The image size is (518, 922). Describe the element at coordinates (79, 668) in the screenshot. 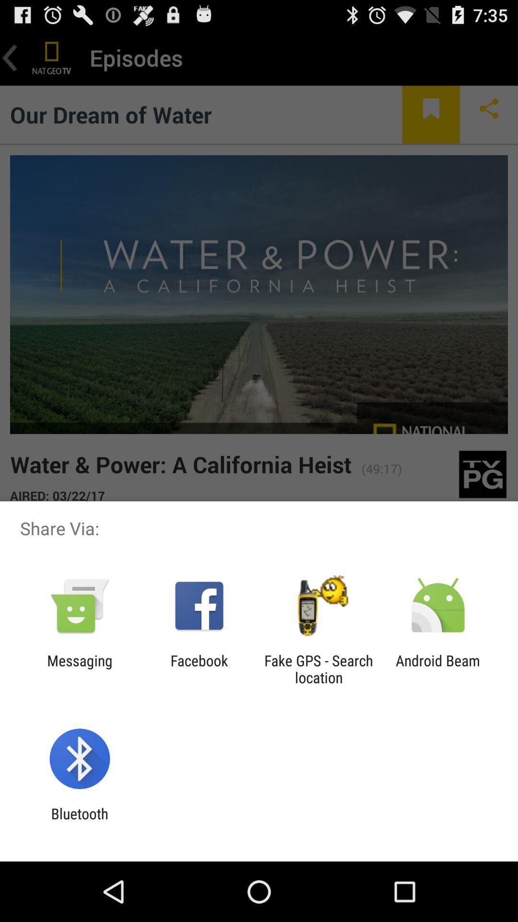

I see `messaging item` at that location.